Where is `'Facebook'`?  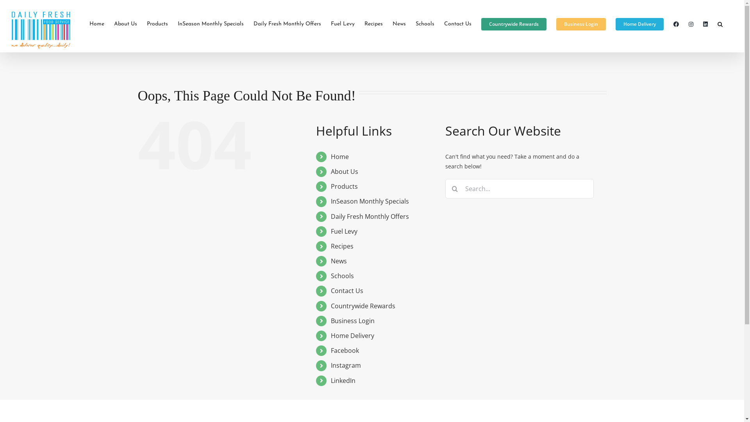
'Facebook' is located at coordinates (345, 350).